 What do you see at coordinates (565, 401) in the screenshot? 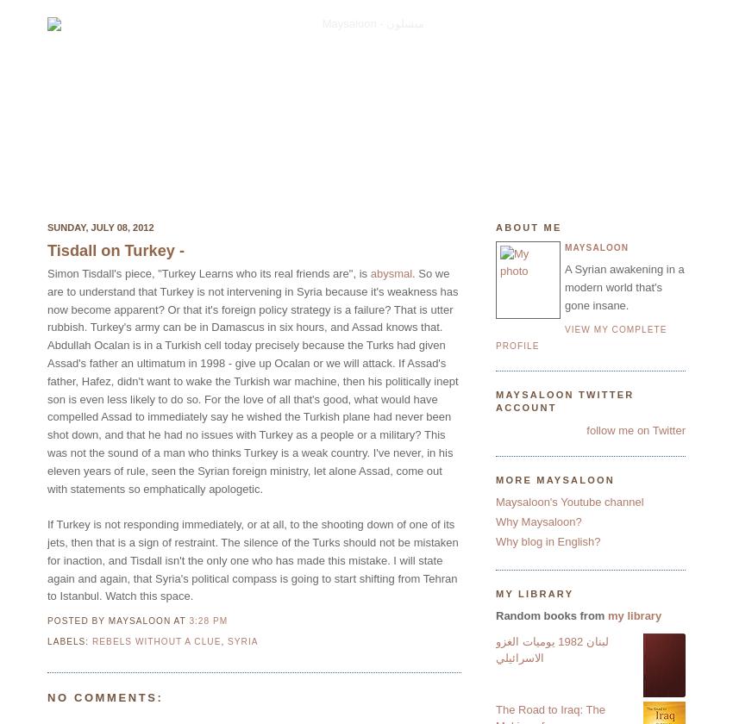
I see `'Maysaloon Twitter Account'` at bounding box center [565, 401].